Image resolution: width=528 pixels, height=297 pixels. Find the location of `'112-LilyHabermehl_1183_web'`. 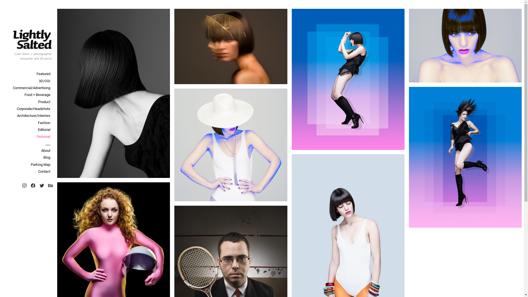

'112-LilyHabermehl_1183_web' is located at coordinates (409, 45).